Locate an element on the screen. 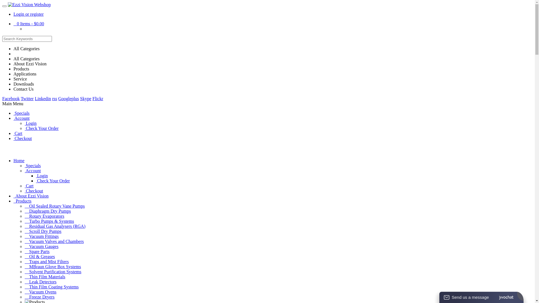 Image resolution: width=539 pixels, height=303 pixels. '    Vacuum Fittings' is located at coordinates (24, 236).